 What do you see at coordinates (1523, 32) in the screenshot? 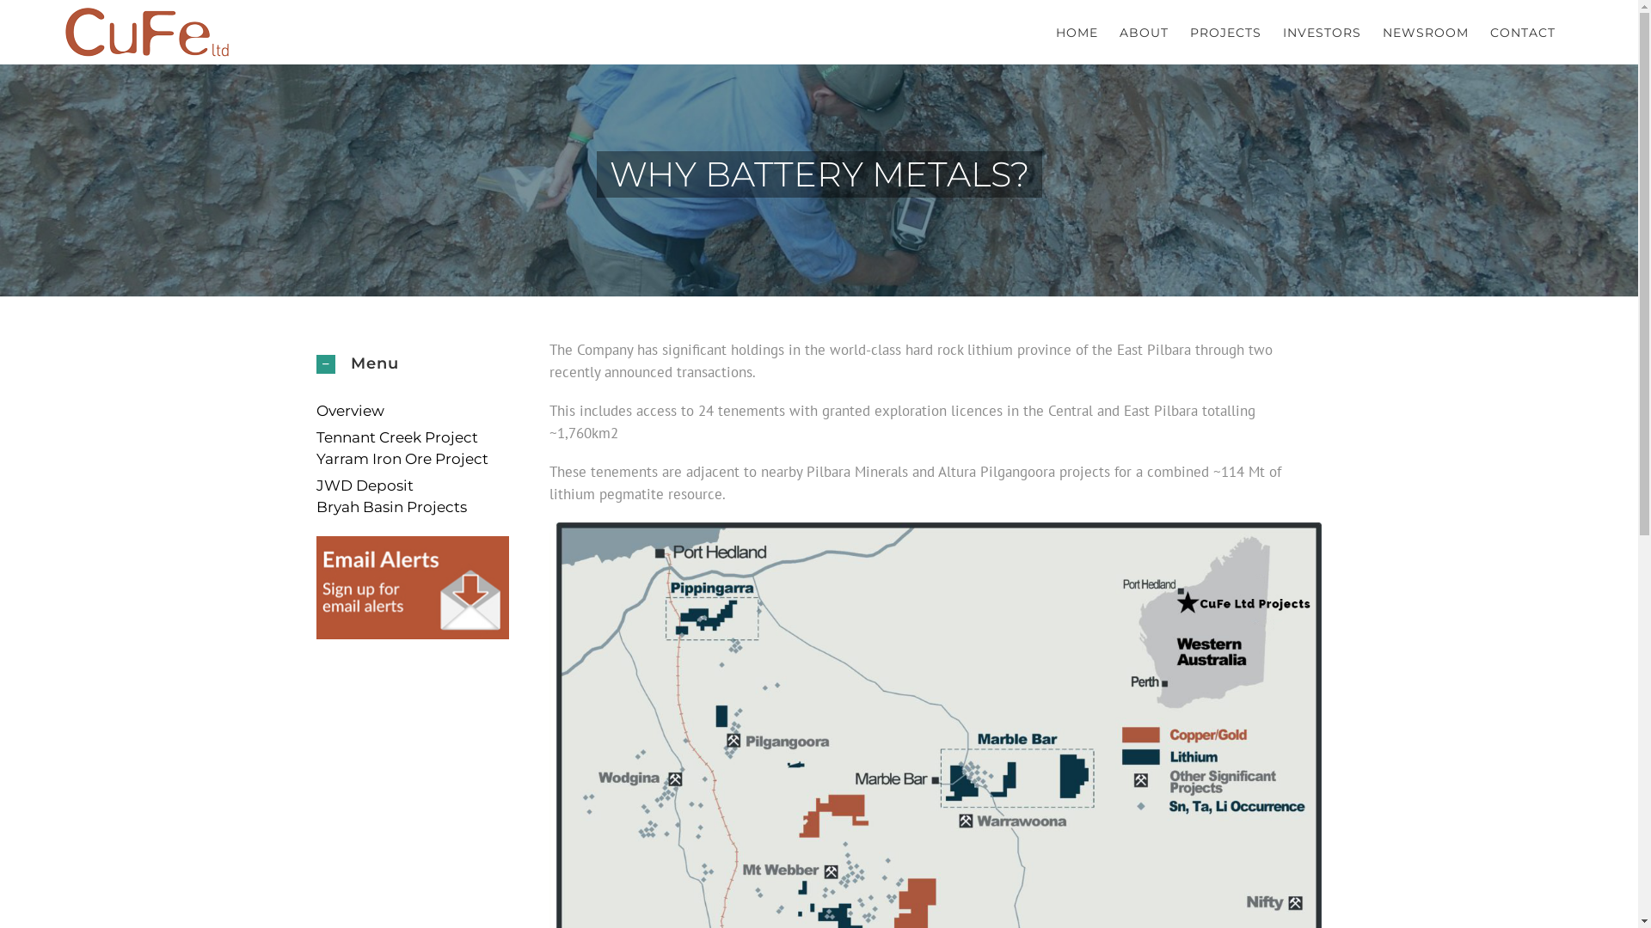
I see `'CONTACT'` at bounding box center [1523, 32].